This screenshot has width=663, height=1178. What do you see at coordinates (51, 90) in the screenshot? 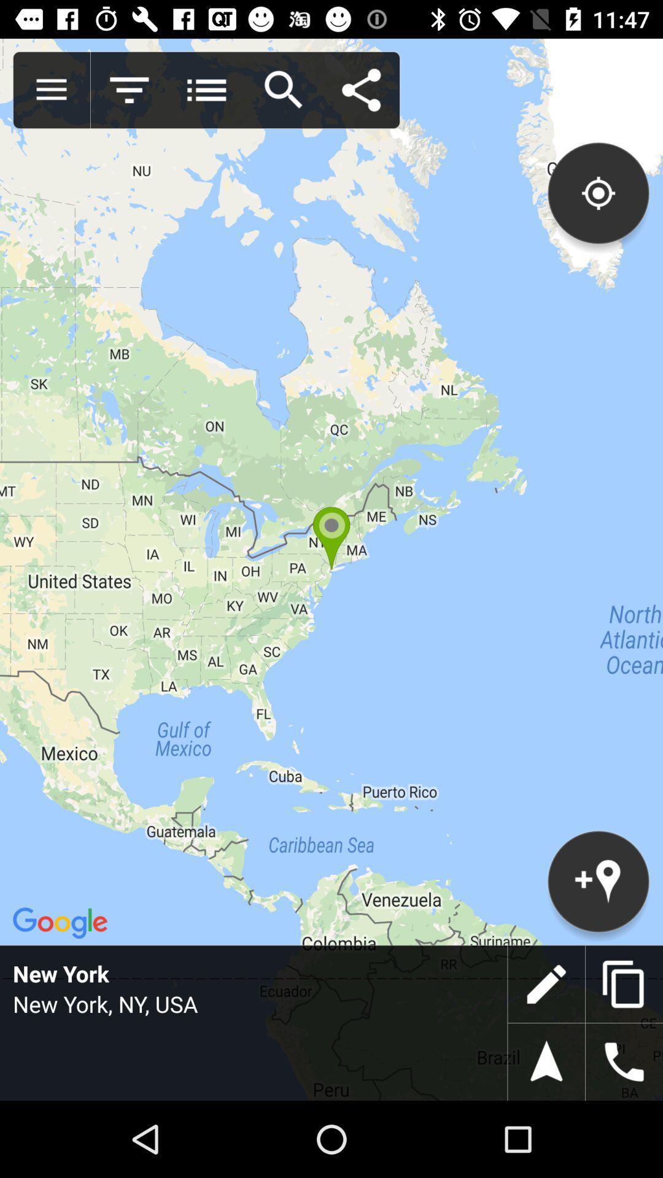
I see `options` at bounding box center [51, 90].